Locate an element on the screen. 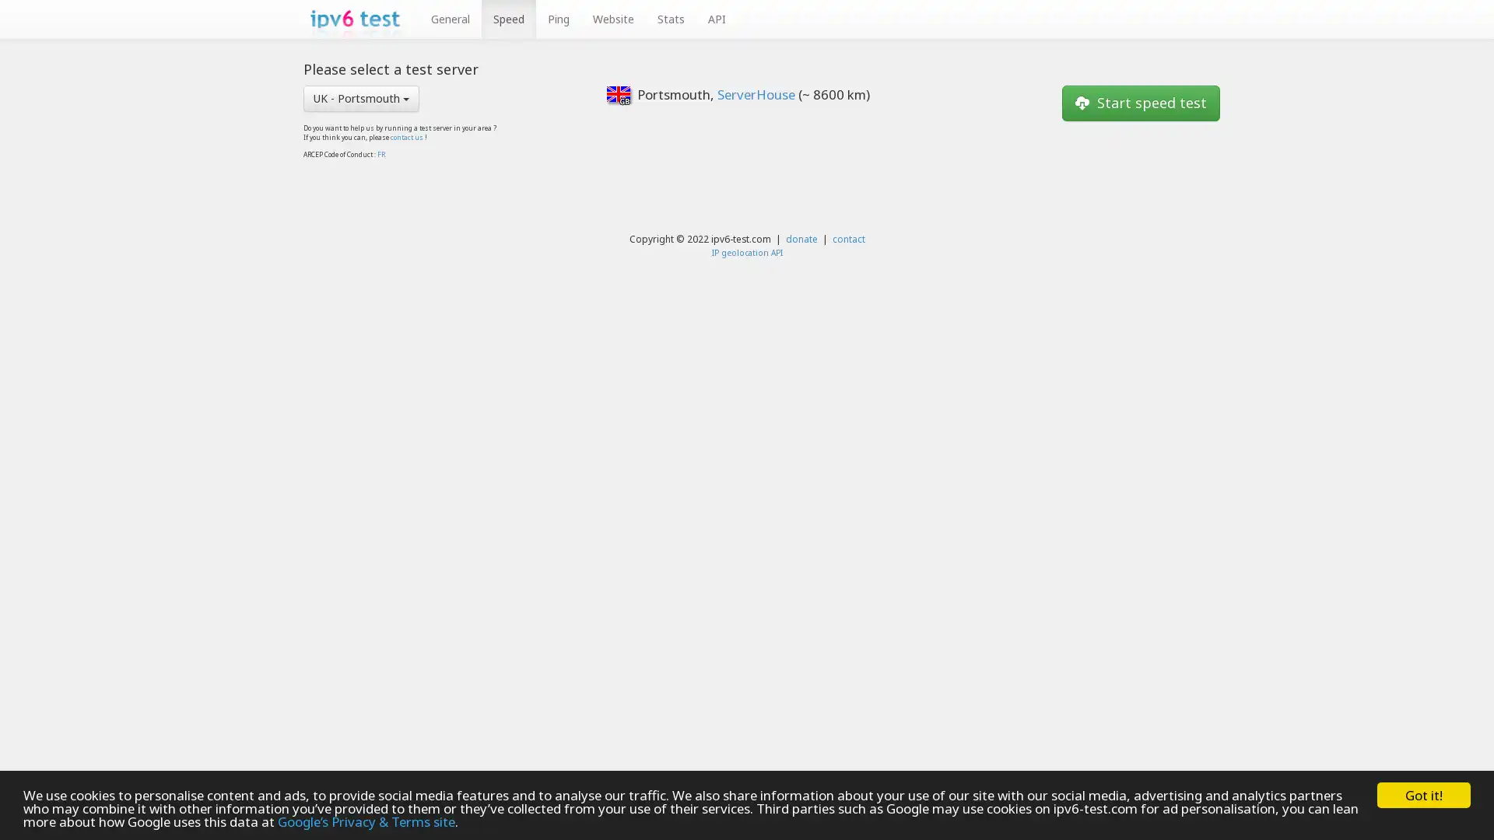 The image size is (1494, 840). Start speed test is located at coordinates (1141, 102).